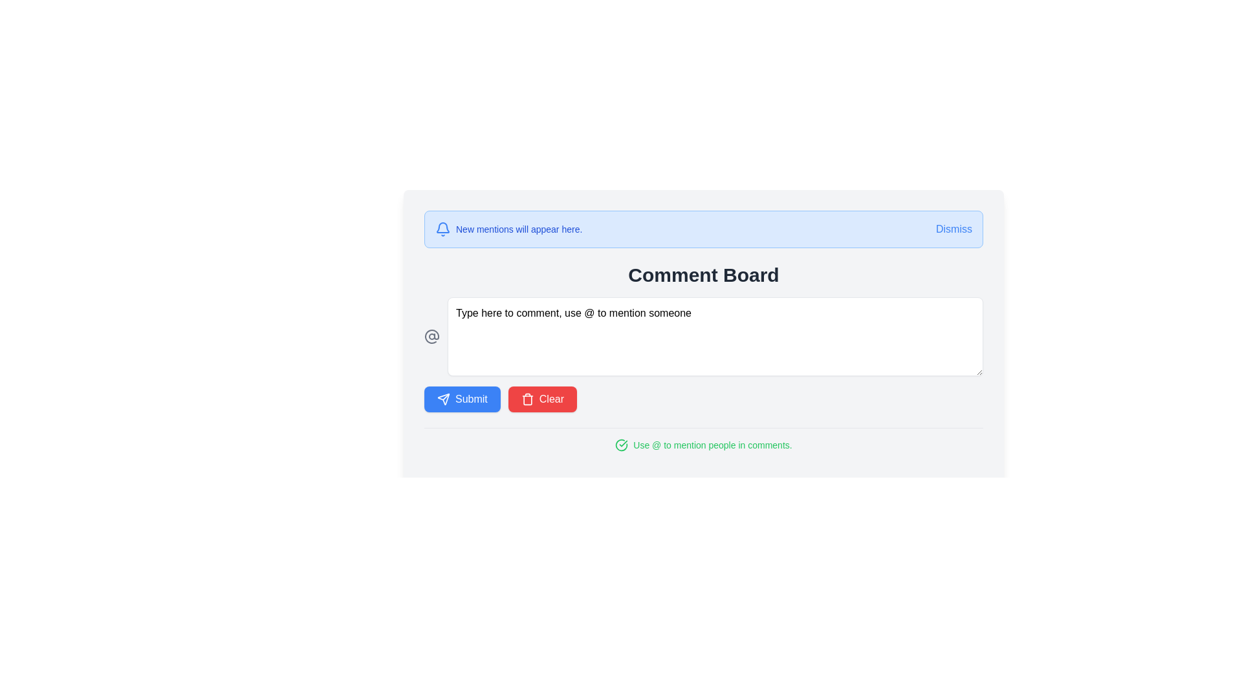  What do you see at coordinates (622, 445) in the screenshot?
I see `the success icon located at the bottom left of the interface, which precedes the notification message 'Use @ to mention people in comments.'` at bounding box center [622, 445].